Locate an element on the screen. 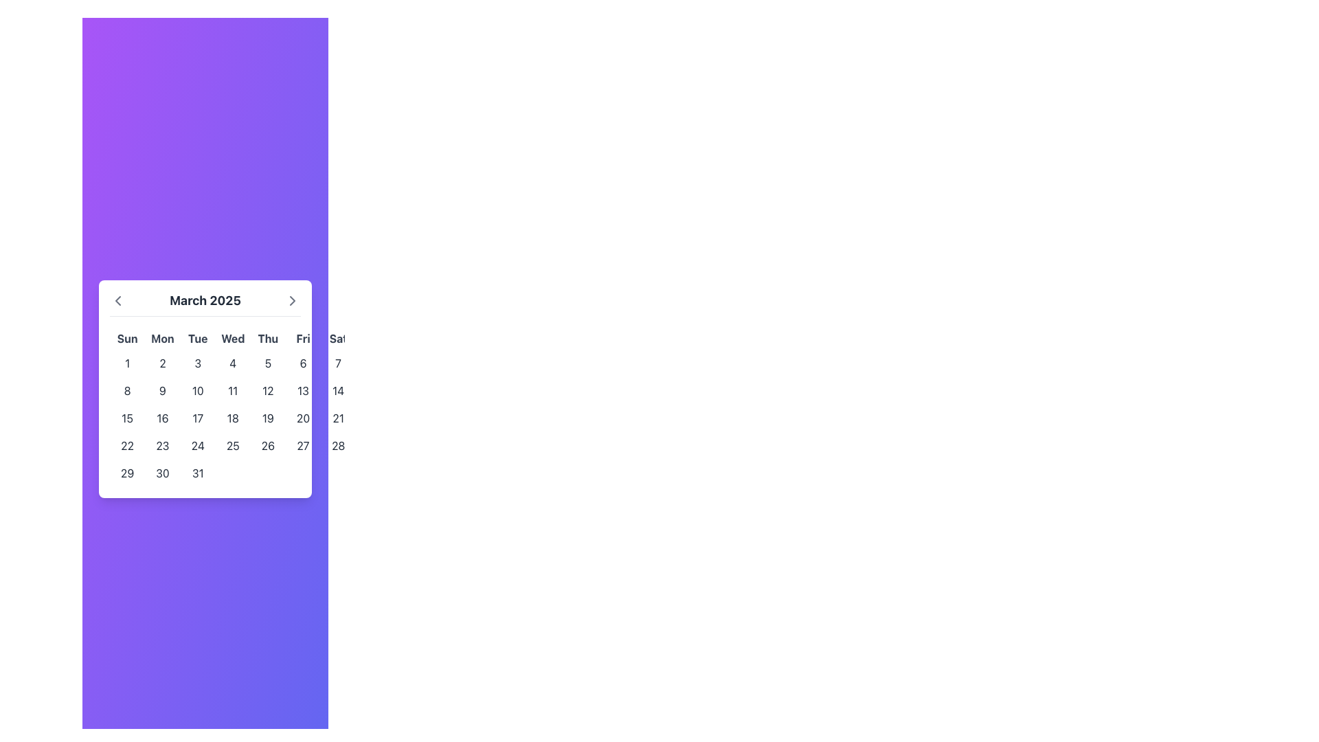 The height and width of the screenshot is (742, 1319). the numeral representing the first day of the week under the 'Sun' column in the calendar interface is located at coordinates (127, 362).